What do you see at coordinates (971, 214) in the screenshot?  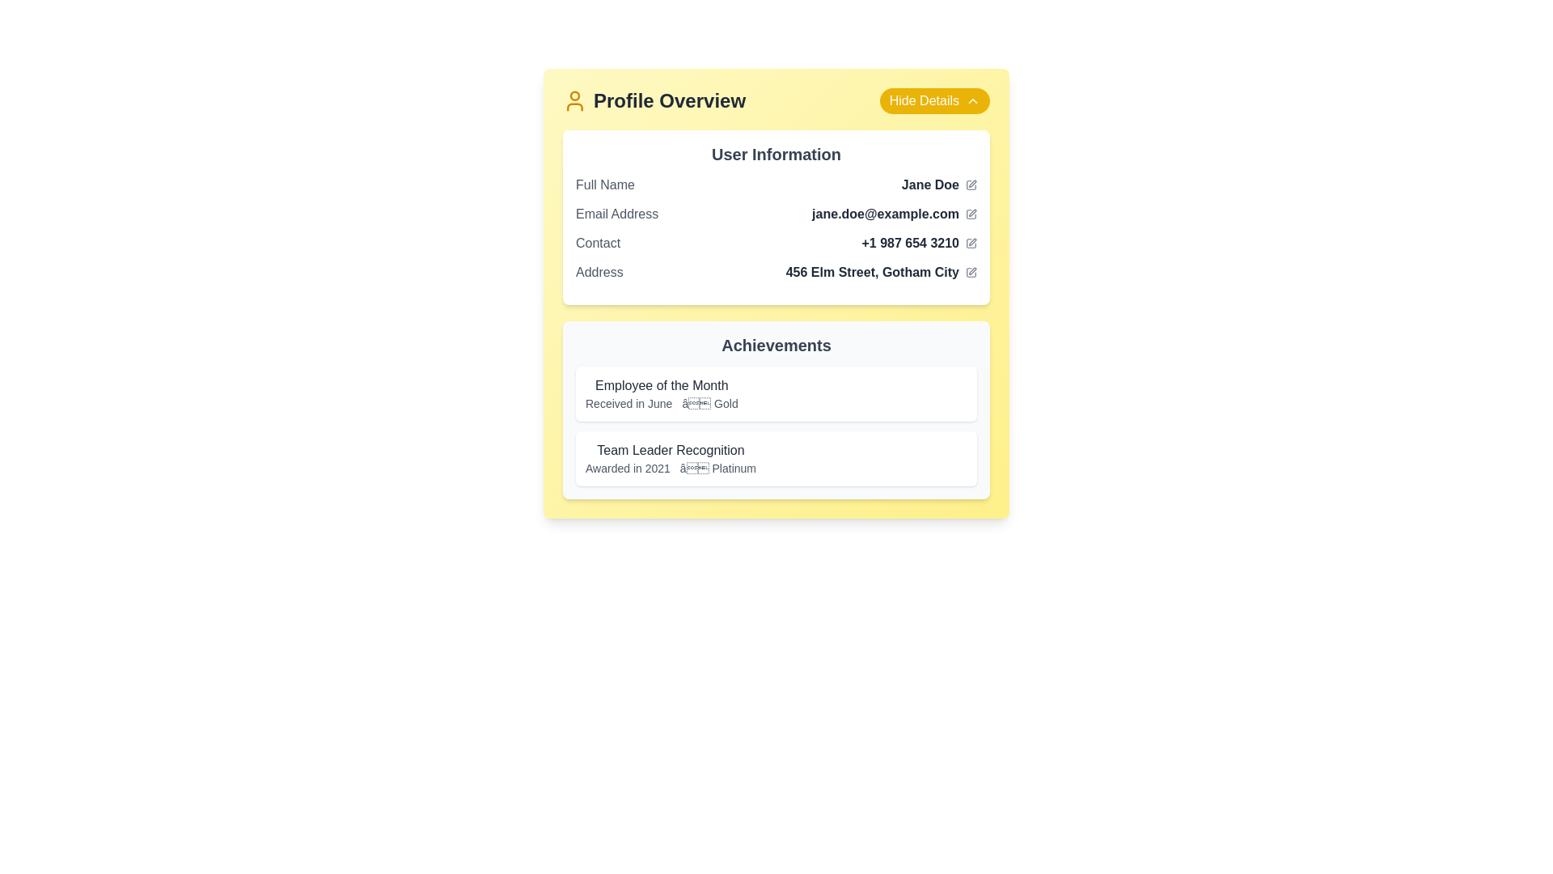 I see `the editing icon located to the immediate right of the email address text in the 'Email Address' row under the 'User Information' section to initiate editing mode` at bounding box center [971, 214].